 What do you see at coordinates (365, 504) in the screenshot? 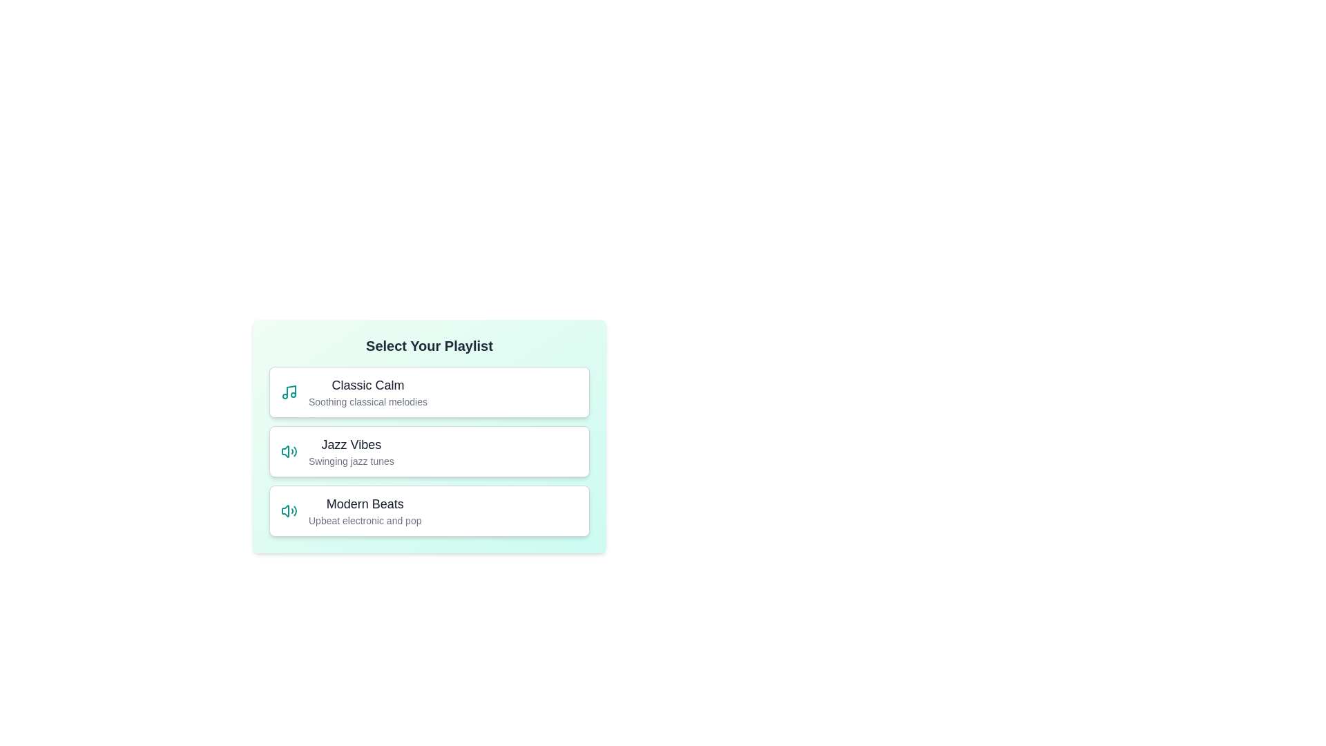
I see `displayed text of the 'Modern Beats' label, which is bold and dark gray, located under the 'Select Your Playlist' heading` at bounding box center [365, 504].